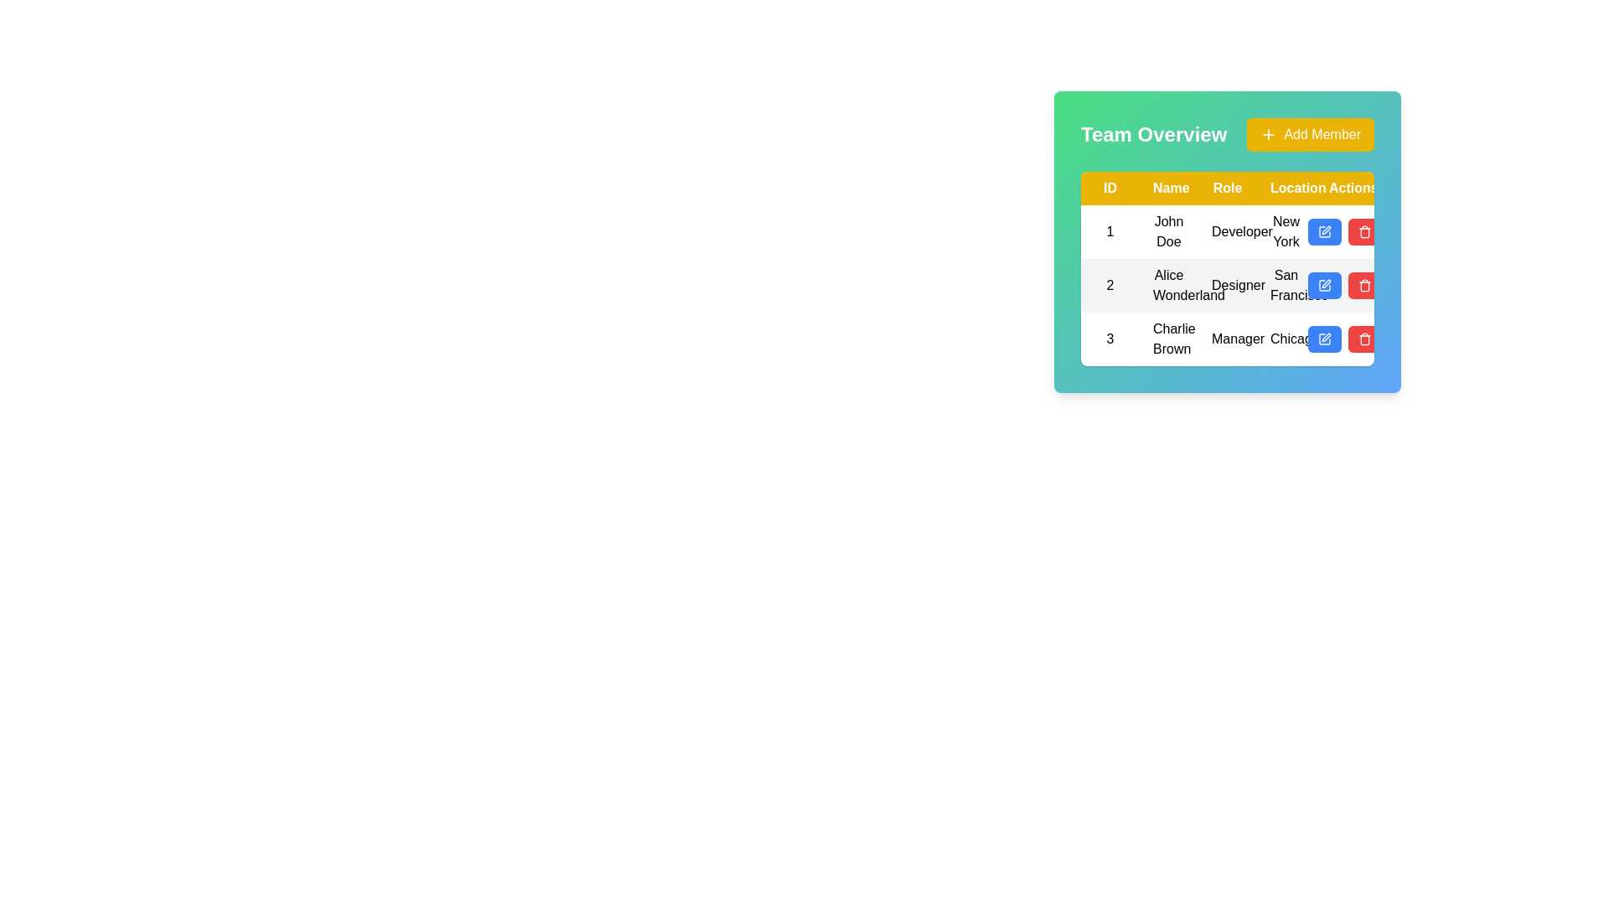  Describe the element at coordinates (1110, 284) in the screenshot. I see `the table cell containing the text '2' located in the first column of the second row, directly below the header labeled 'ID'` at that location.